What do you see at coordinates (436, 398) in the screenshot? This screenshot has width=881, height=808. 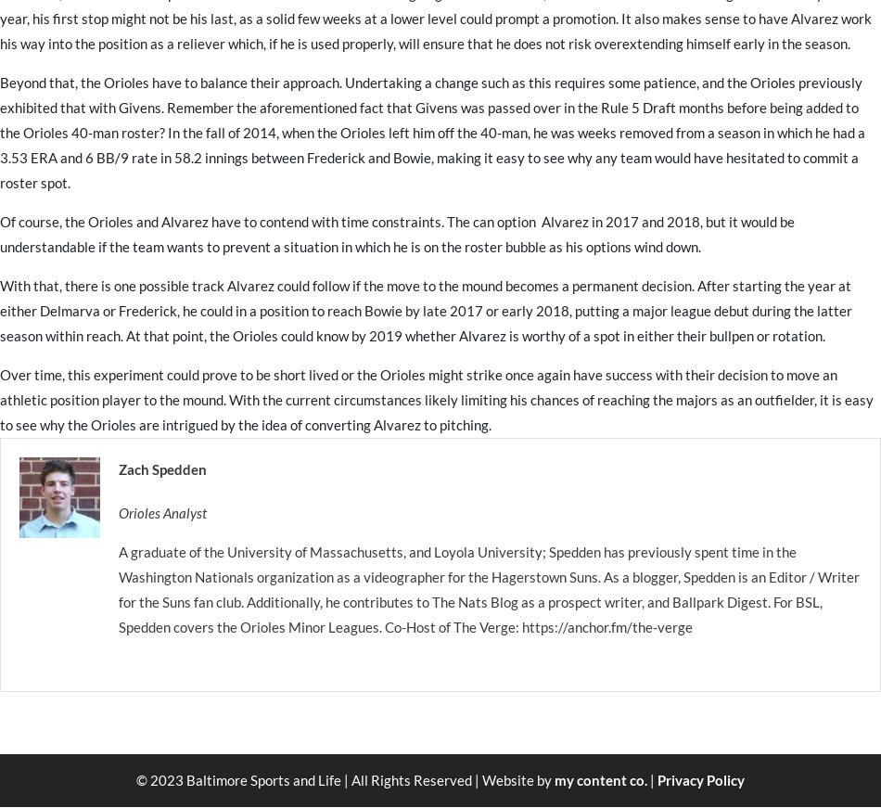 I see `'Over time, this experiment could prove to be short lived or the Orioles might strike once again have success with their decision to move an athletic position player to the mound. With the current circumstances likely limiting his chances of reaching the majors as an outfielder, it is easy to see why the Orioles are intrigued by the idea of converting Alvarez to pitching.'` at bounding box center [436, 398].